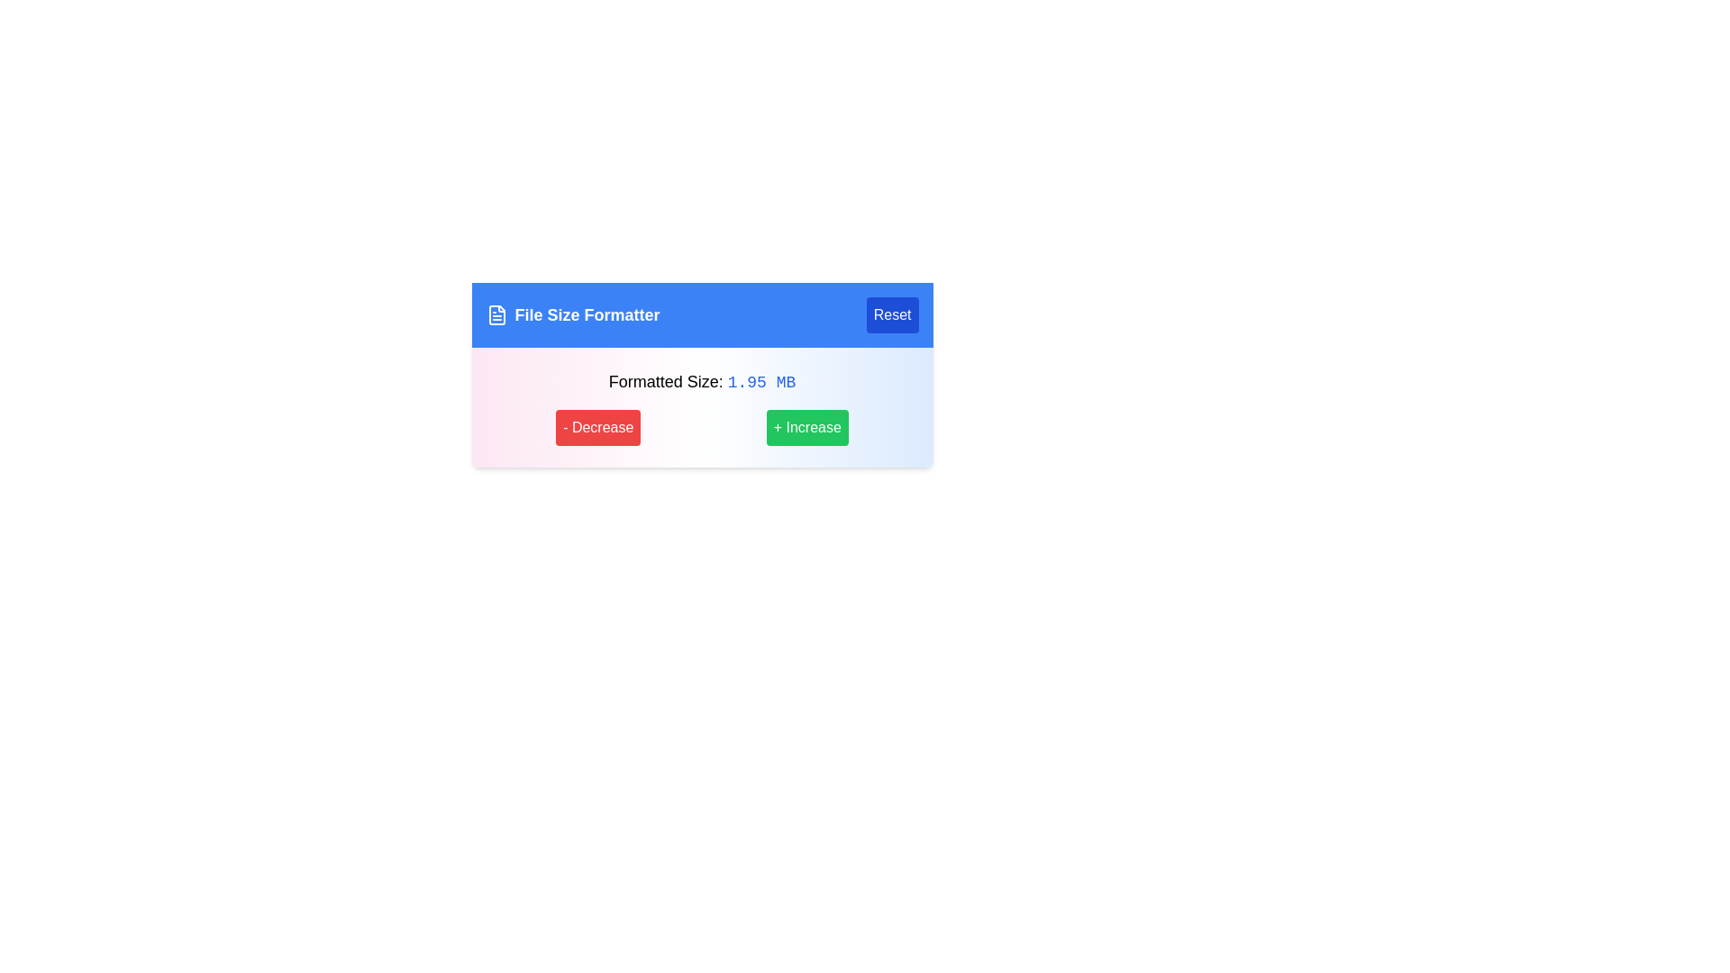  I want to click on the document icon with a white-on-blue theme located next to the 'File Size Formatter' header in the top-left corner of the component layout, so click(496, 314).